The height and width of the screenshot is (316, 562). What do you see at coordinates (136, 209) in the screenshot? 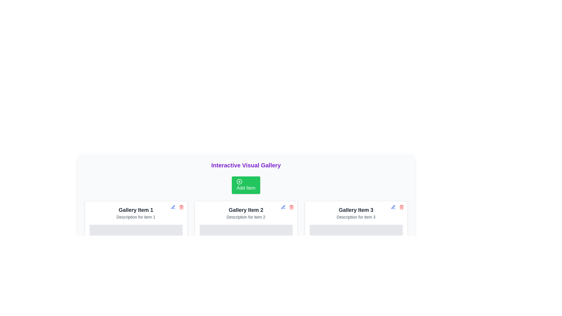
I see `text label 'Gallery Item 1' displayed in bold at the top of the card` at bounding box center [136, 209].